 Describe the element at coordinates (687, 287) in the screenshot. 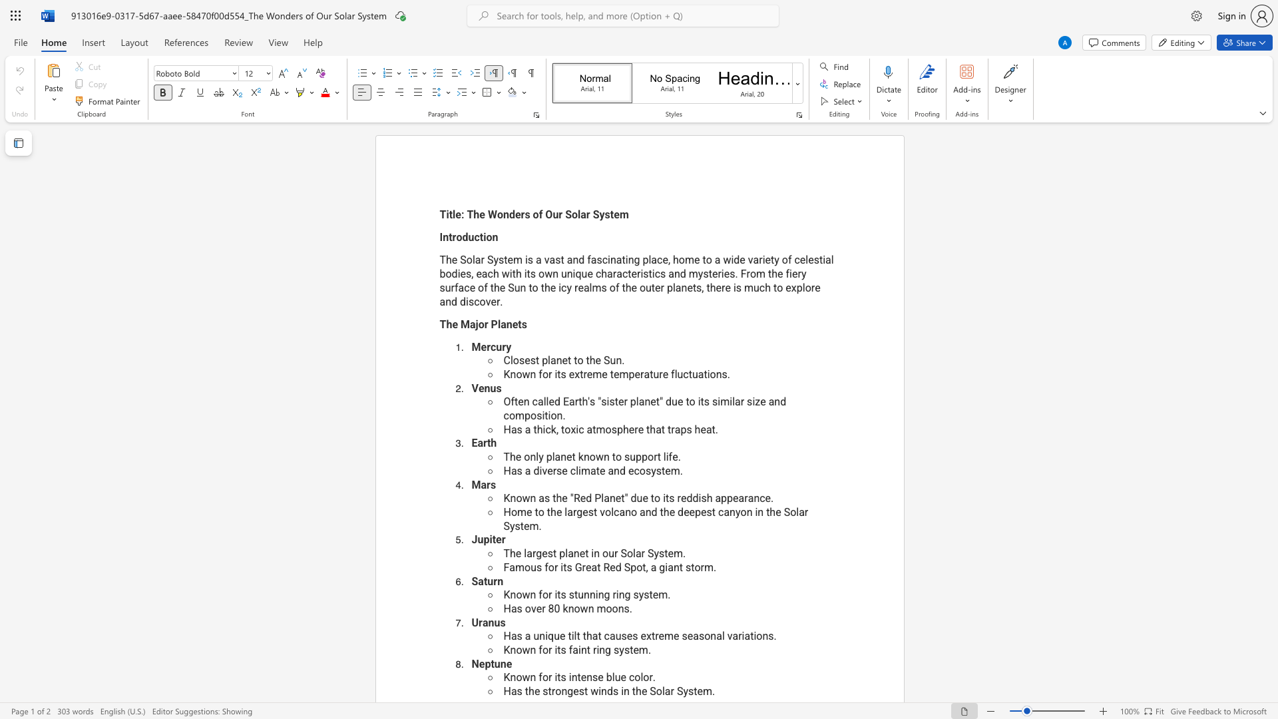

I see `the space between the continuous character "n" and "e" in the text` at that location.